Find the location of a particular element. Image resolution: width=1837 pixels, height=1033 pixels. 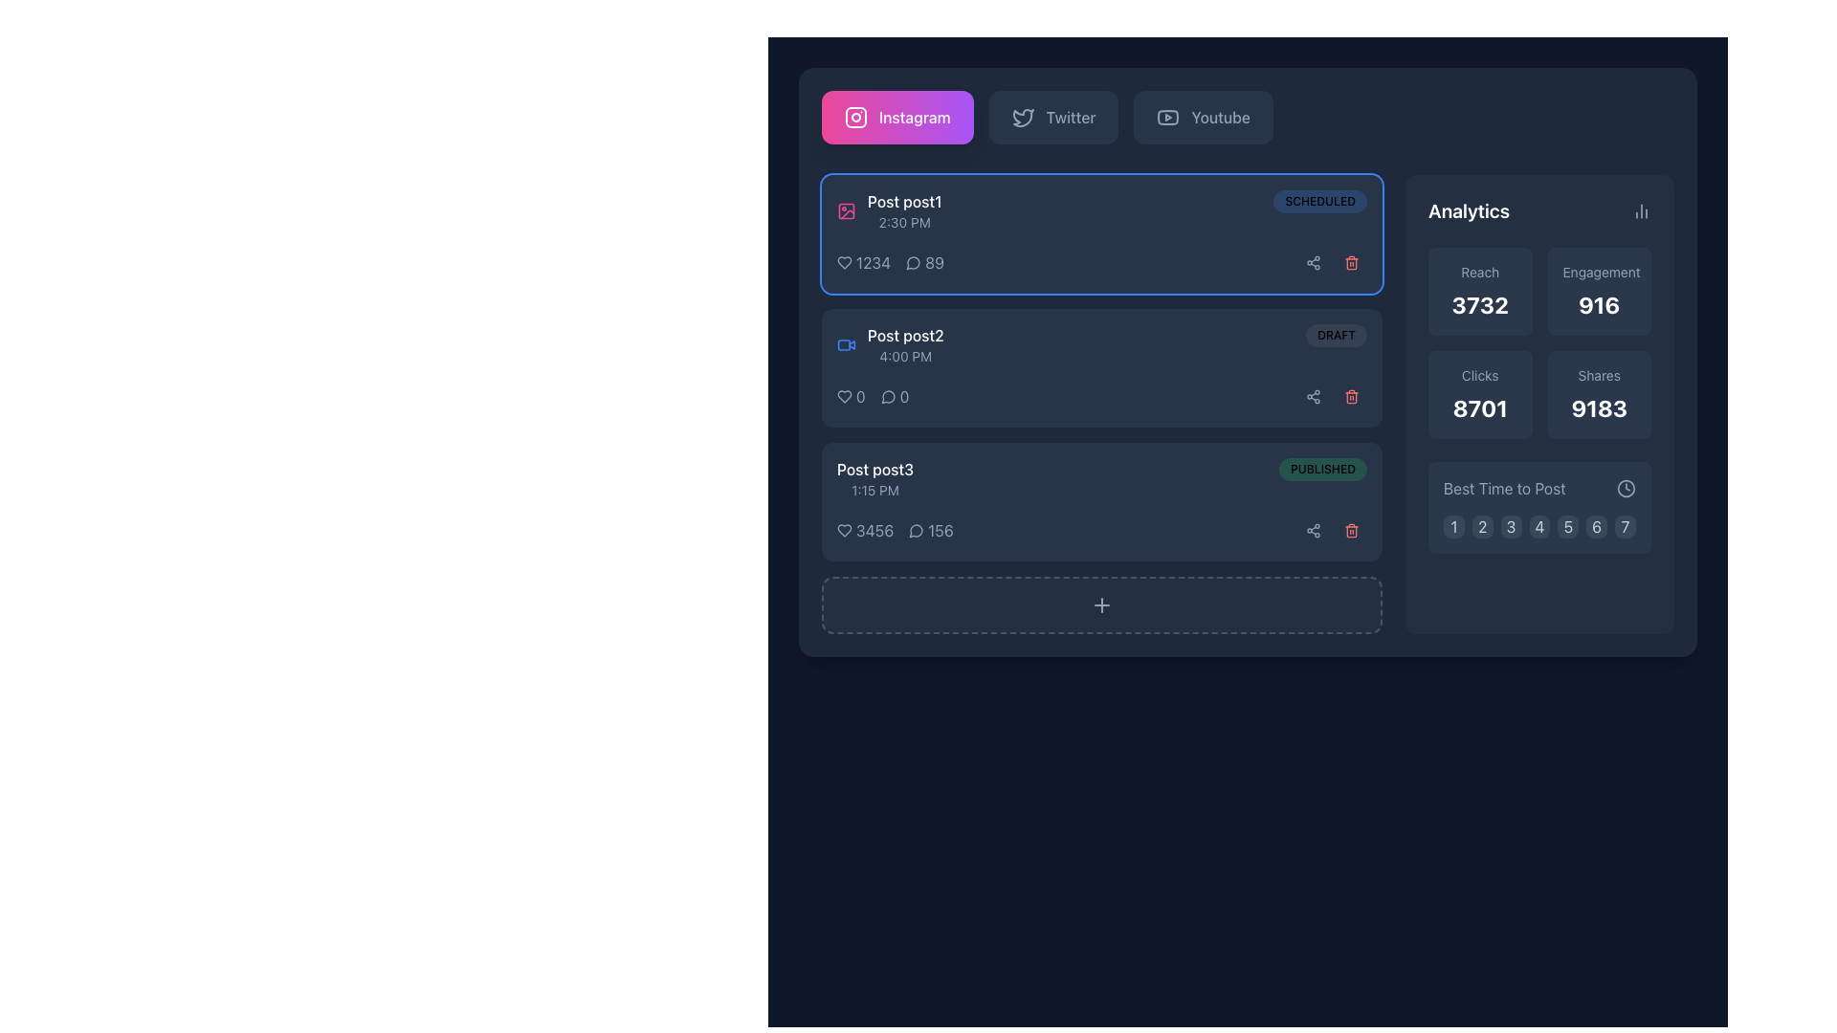

counters within the post draft panel located between 'Post post1' and 'Post post3', which displays information about a draft post including its title, timestamp, likes, and comments is located at coordinates (1102, 368).